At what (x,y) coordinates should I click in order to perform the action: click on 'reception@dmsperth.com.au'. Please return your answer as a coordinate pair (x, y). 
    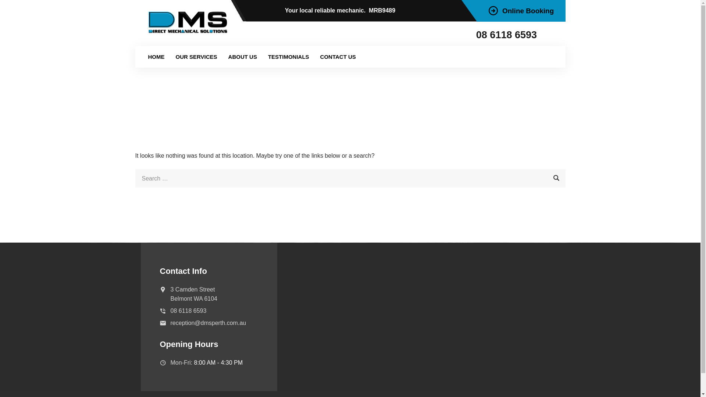
    Looking at the image, I should click on (208, 322).